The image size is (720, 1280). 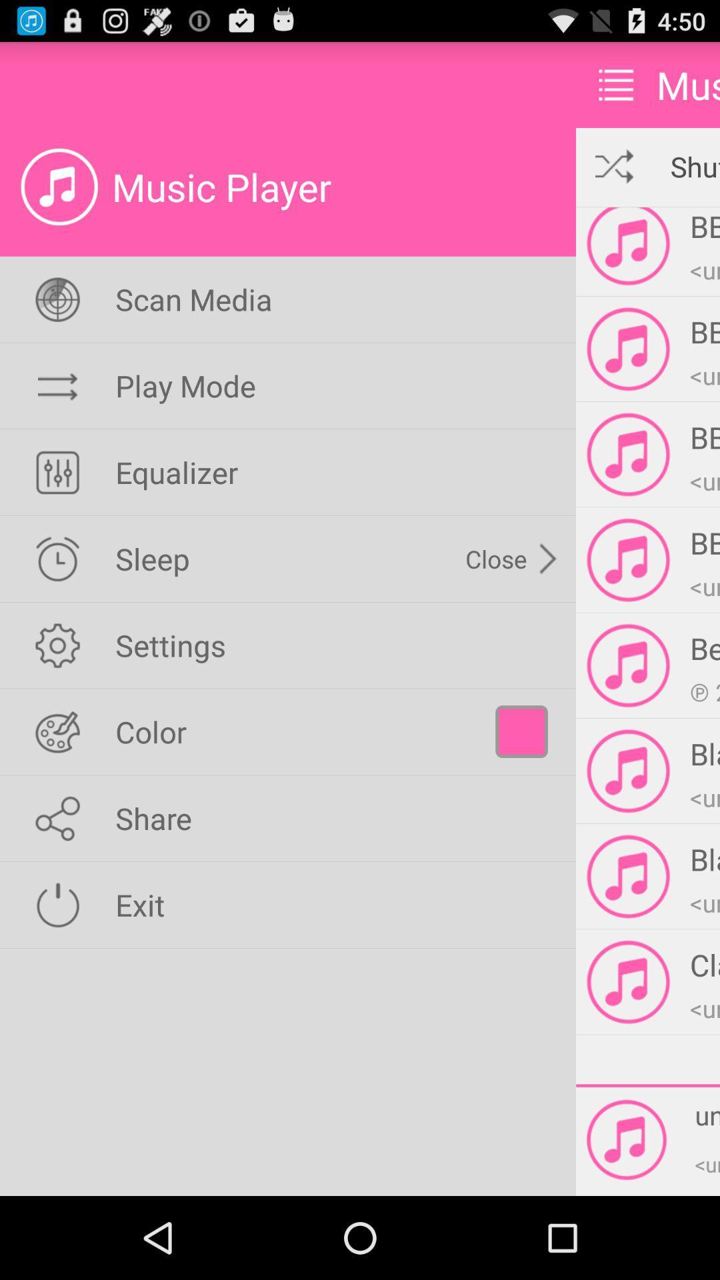 I want to click on the icon which is beside music player, so click(x=59, y=186).